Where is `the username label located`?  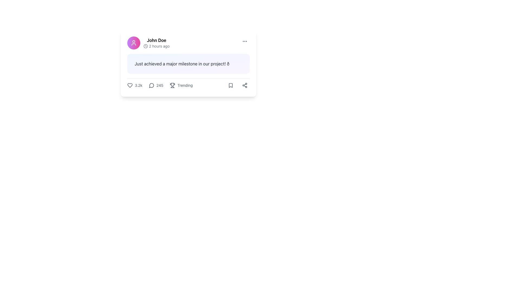 the username label located is located at coordinates (156, 40).